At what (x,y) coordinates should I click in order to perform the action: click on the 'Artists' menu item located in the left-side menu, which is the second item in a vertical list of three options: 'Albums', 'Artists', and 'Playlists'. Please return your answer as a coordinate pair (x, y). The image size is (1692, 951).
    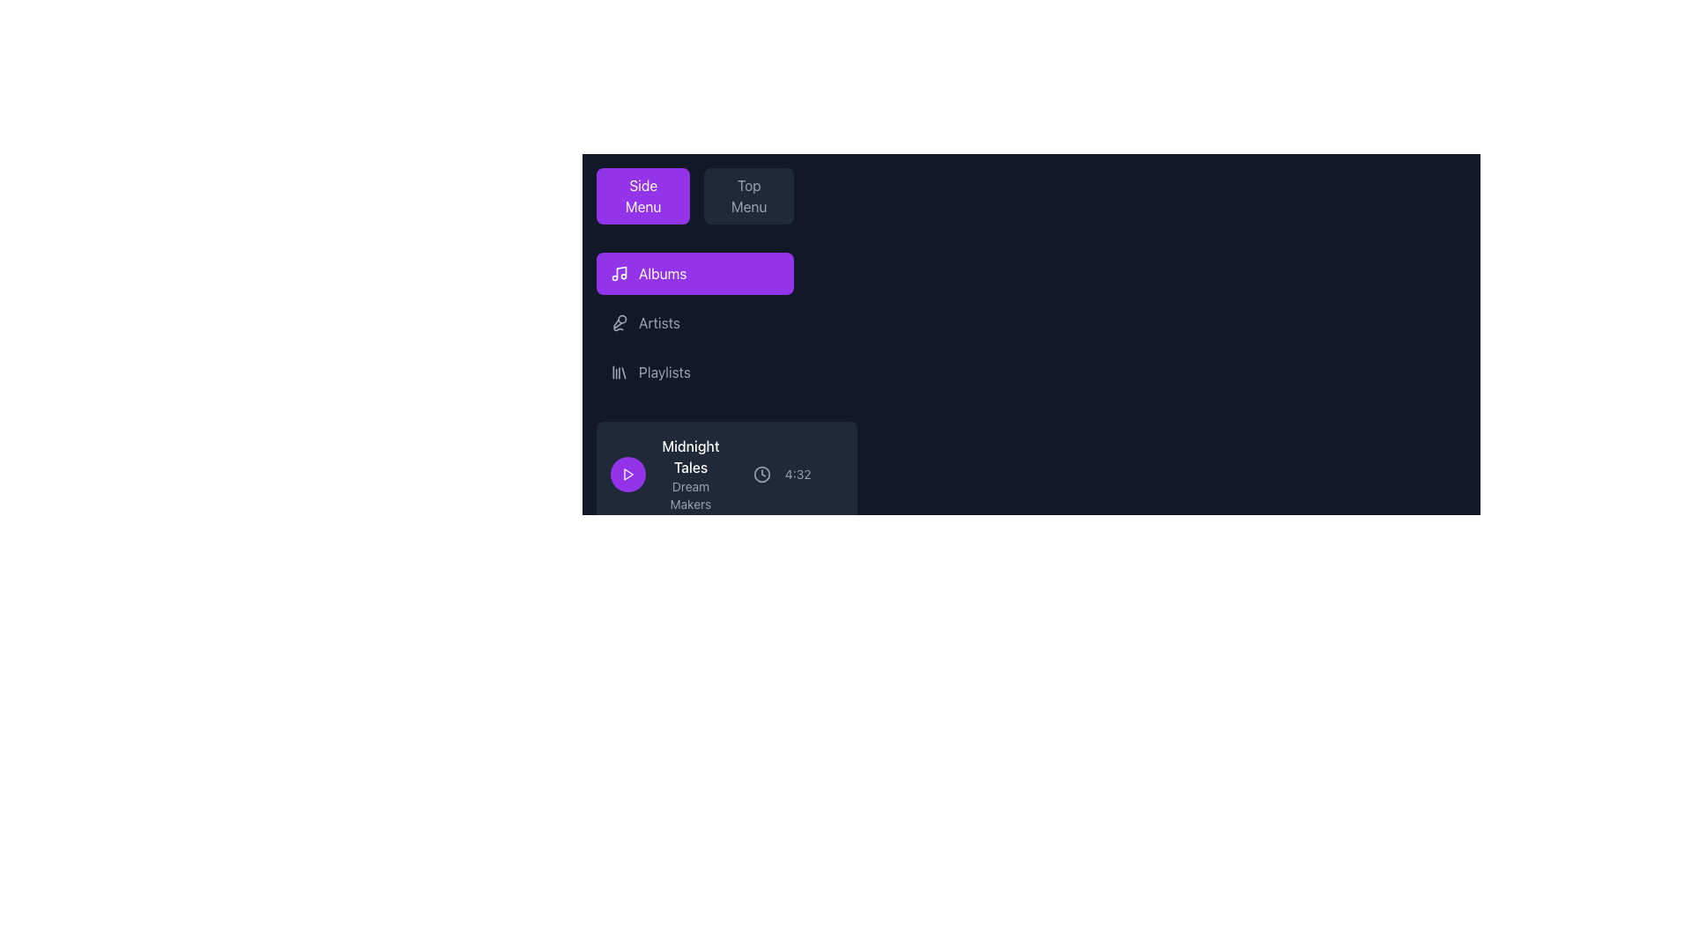
    Looking at the image, I should click on (694, 322).